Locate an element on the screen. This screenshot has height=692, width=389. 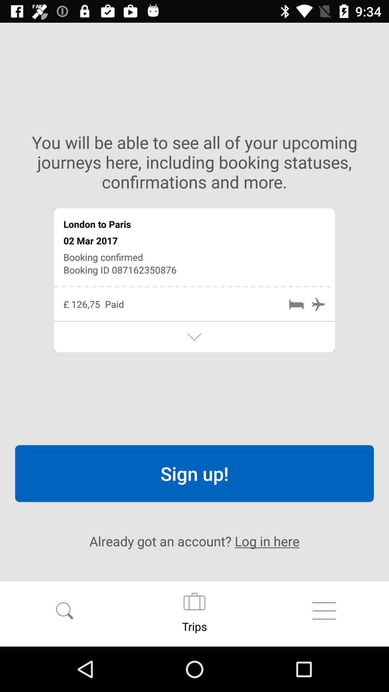
item below sign up! icon is located at coordinates (194, 541).